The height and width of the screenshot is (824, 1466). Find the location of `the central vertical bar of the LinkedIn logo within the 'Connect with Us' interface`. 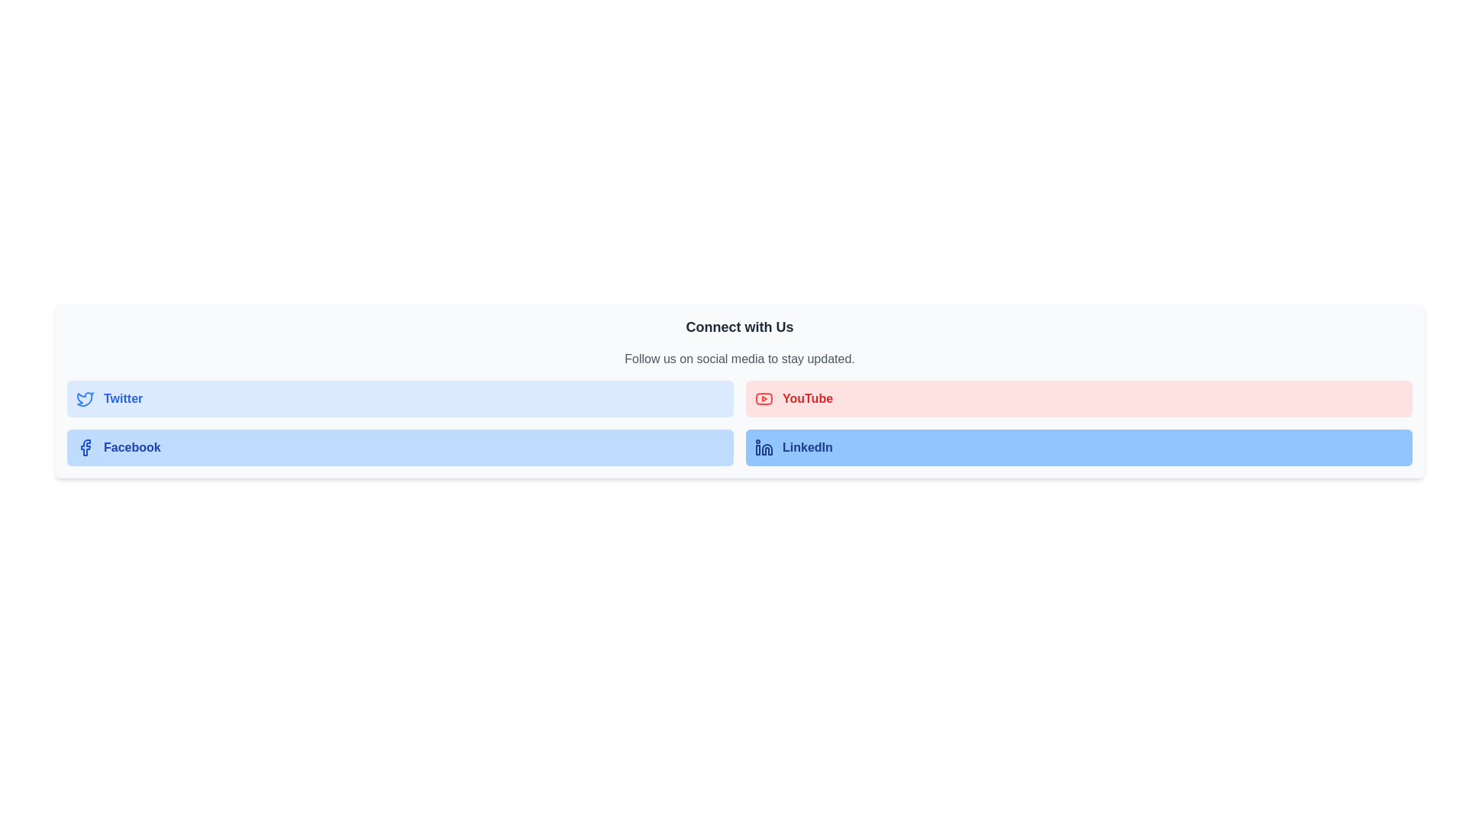

the central vertical bar of the LinkedIn logo within the 'Connect with Us' interface is located at coordinates (758, 449).